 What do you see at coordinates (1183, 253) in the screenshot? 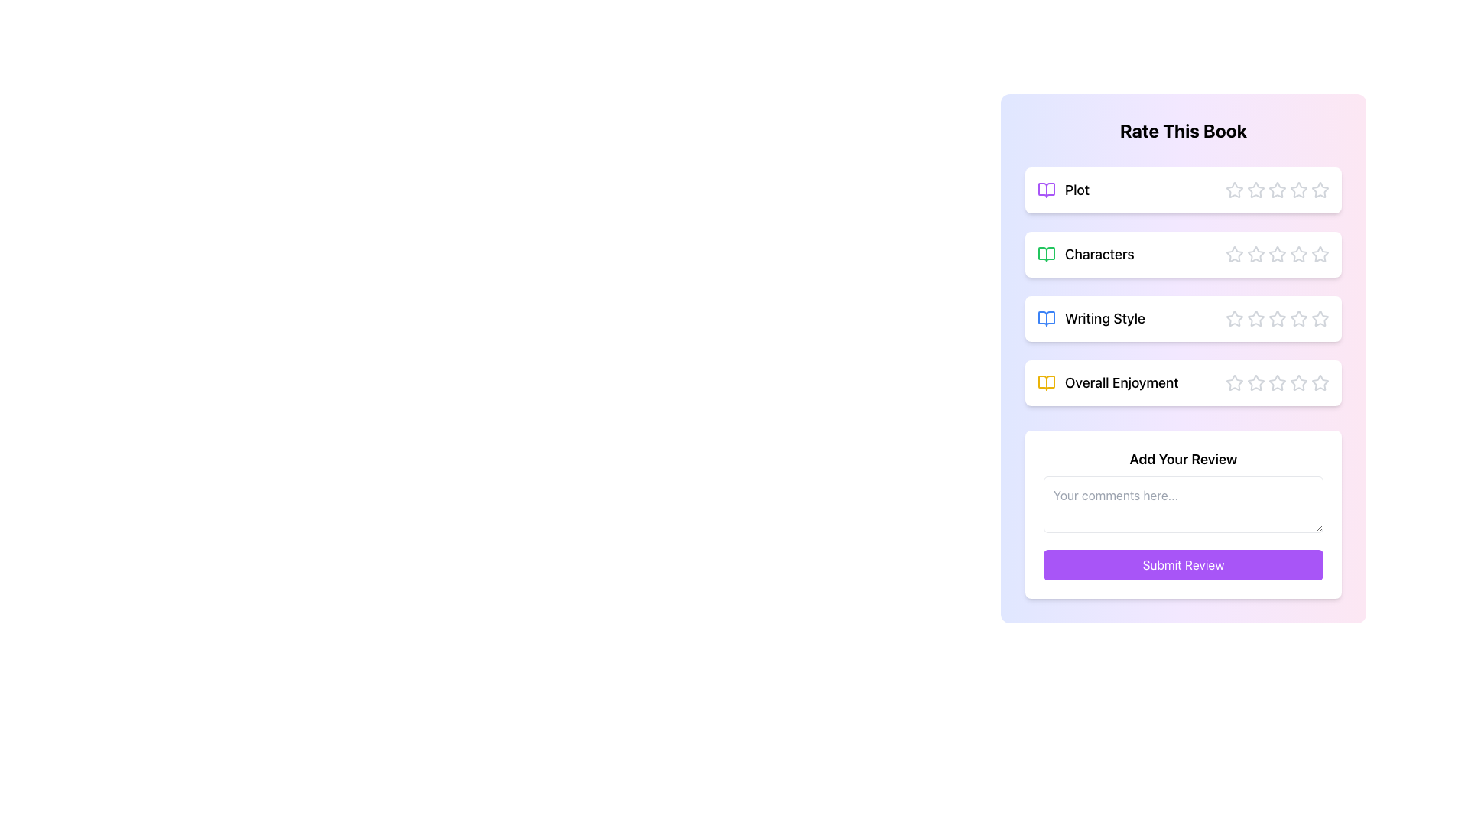
I see `the star in the second rating component for 'Characters' to change the rating` at bounding box center [1183, 253].